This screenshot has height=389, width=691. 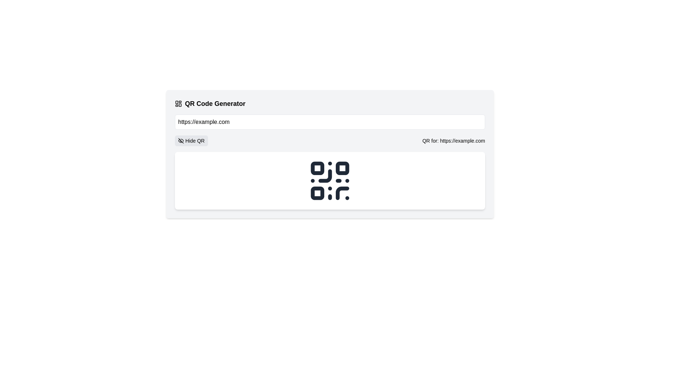 I want to click on the dashboard layout icon located in the header section titled 'QR Code Generator', positioned before the text 'QR Code Generator', so click(x=178, y=104).